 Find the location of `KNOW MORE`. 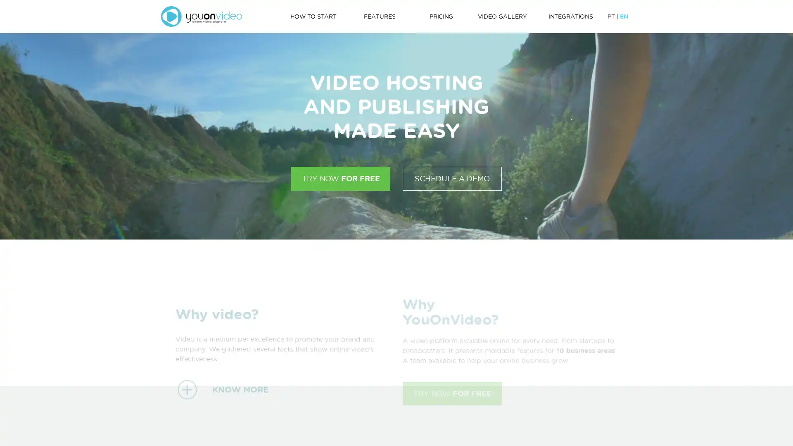

KNOW MORE is located at coordinates (266, 351).